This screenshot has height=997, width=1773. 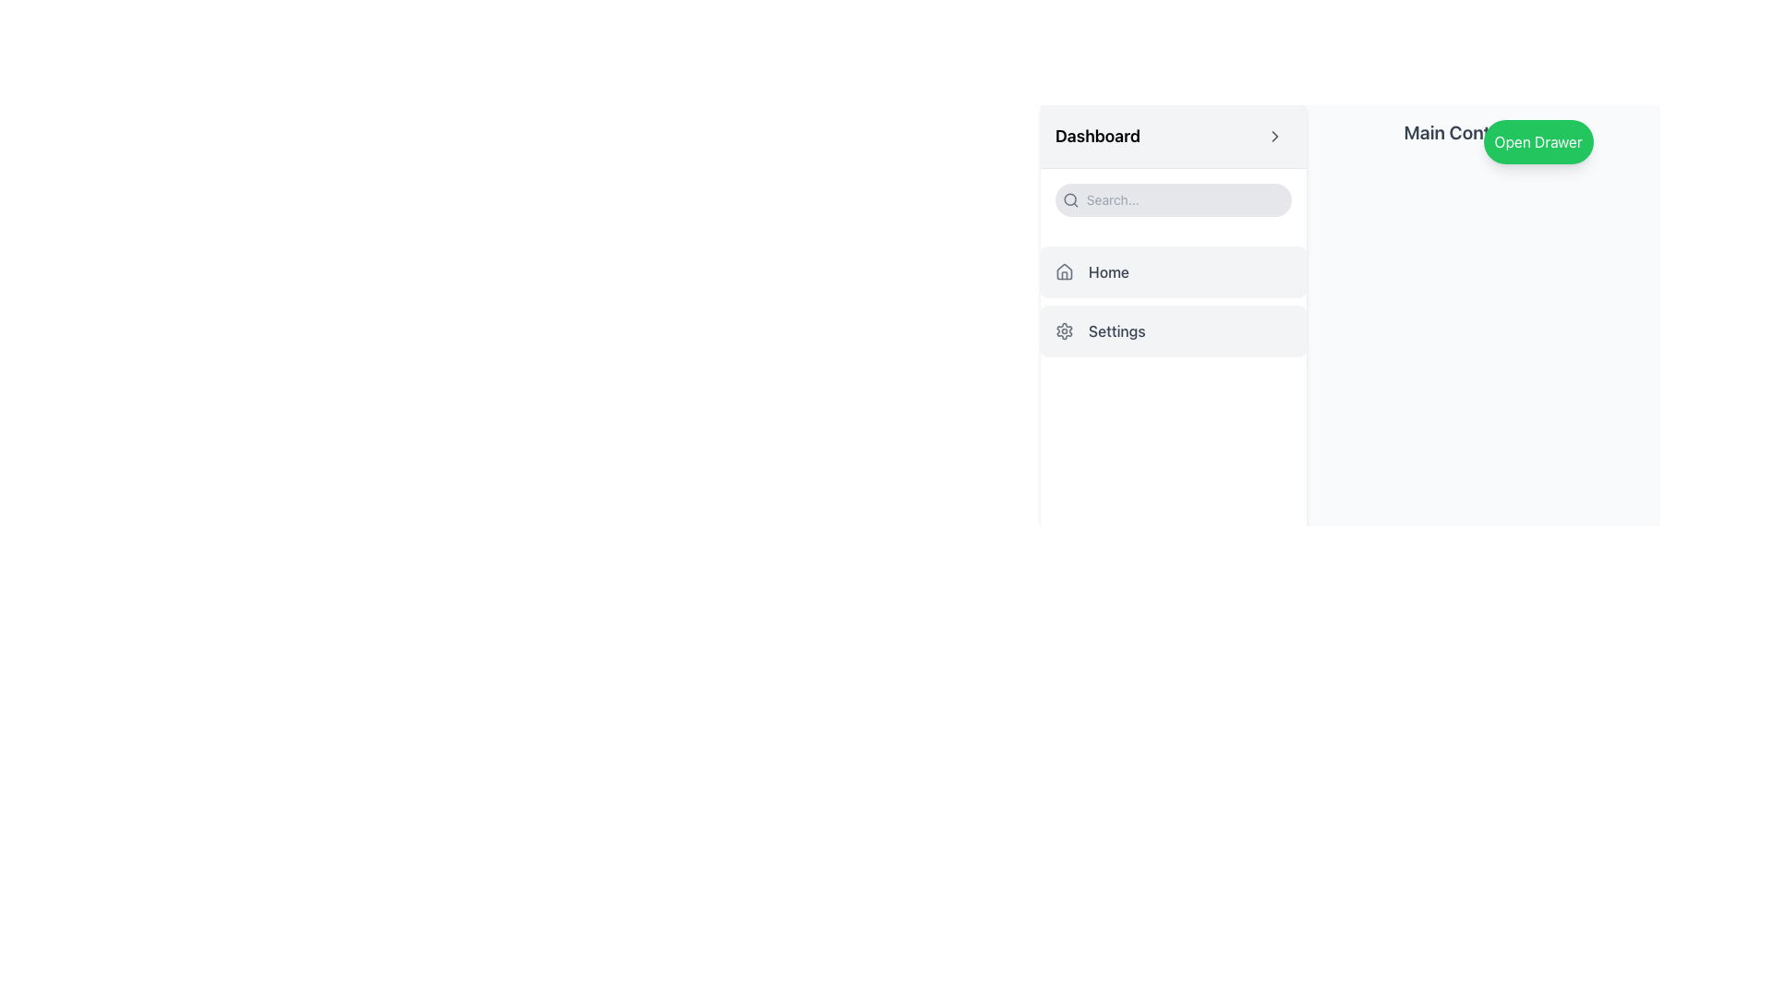 What do you see at coordinates (1173, 271) in the screenshot?
I see `the first button labeled 'Home' located below the search bar` at bounding box center [1173, 271].